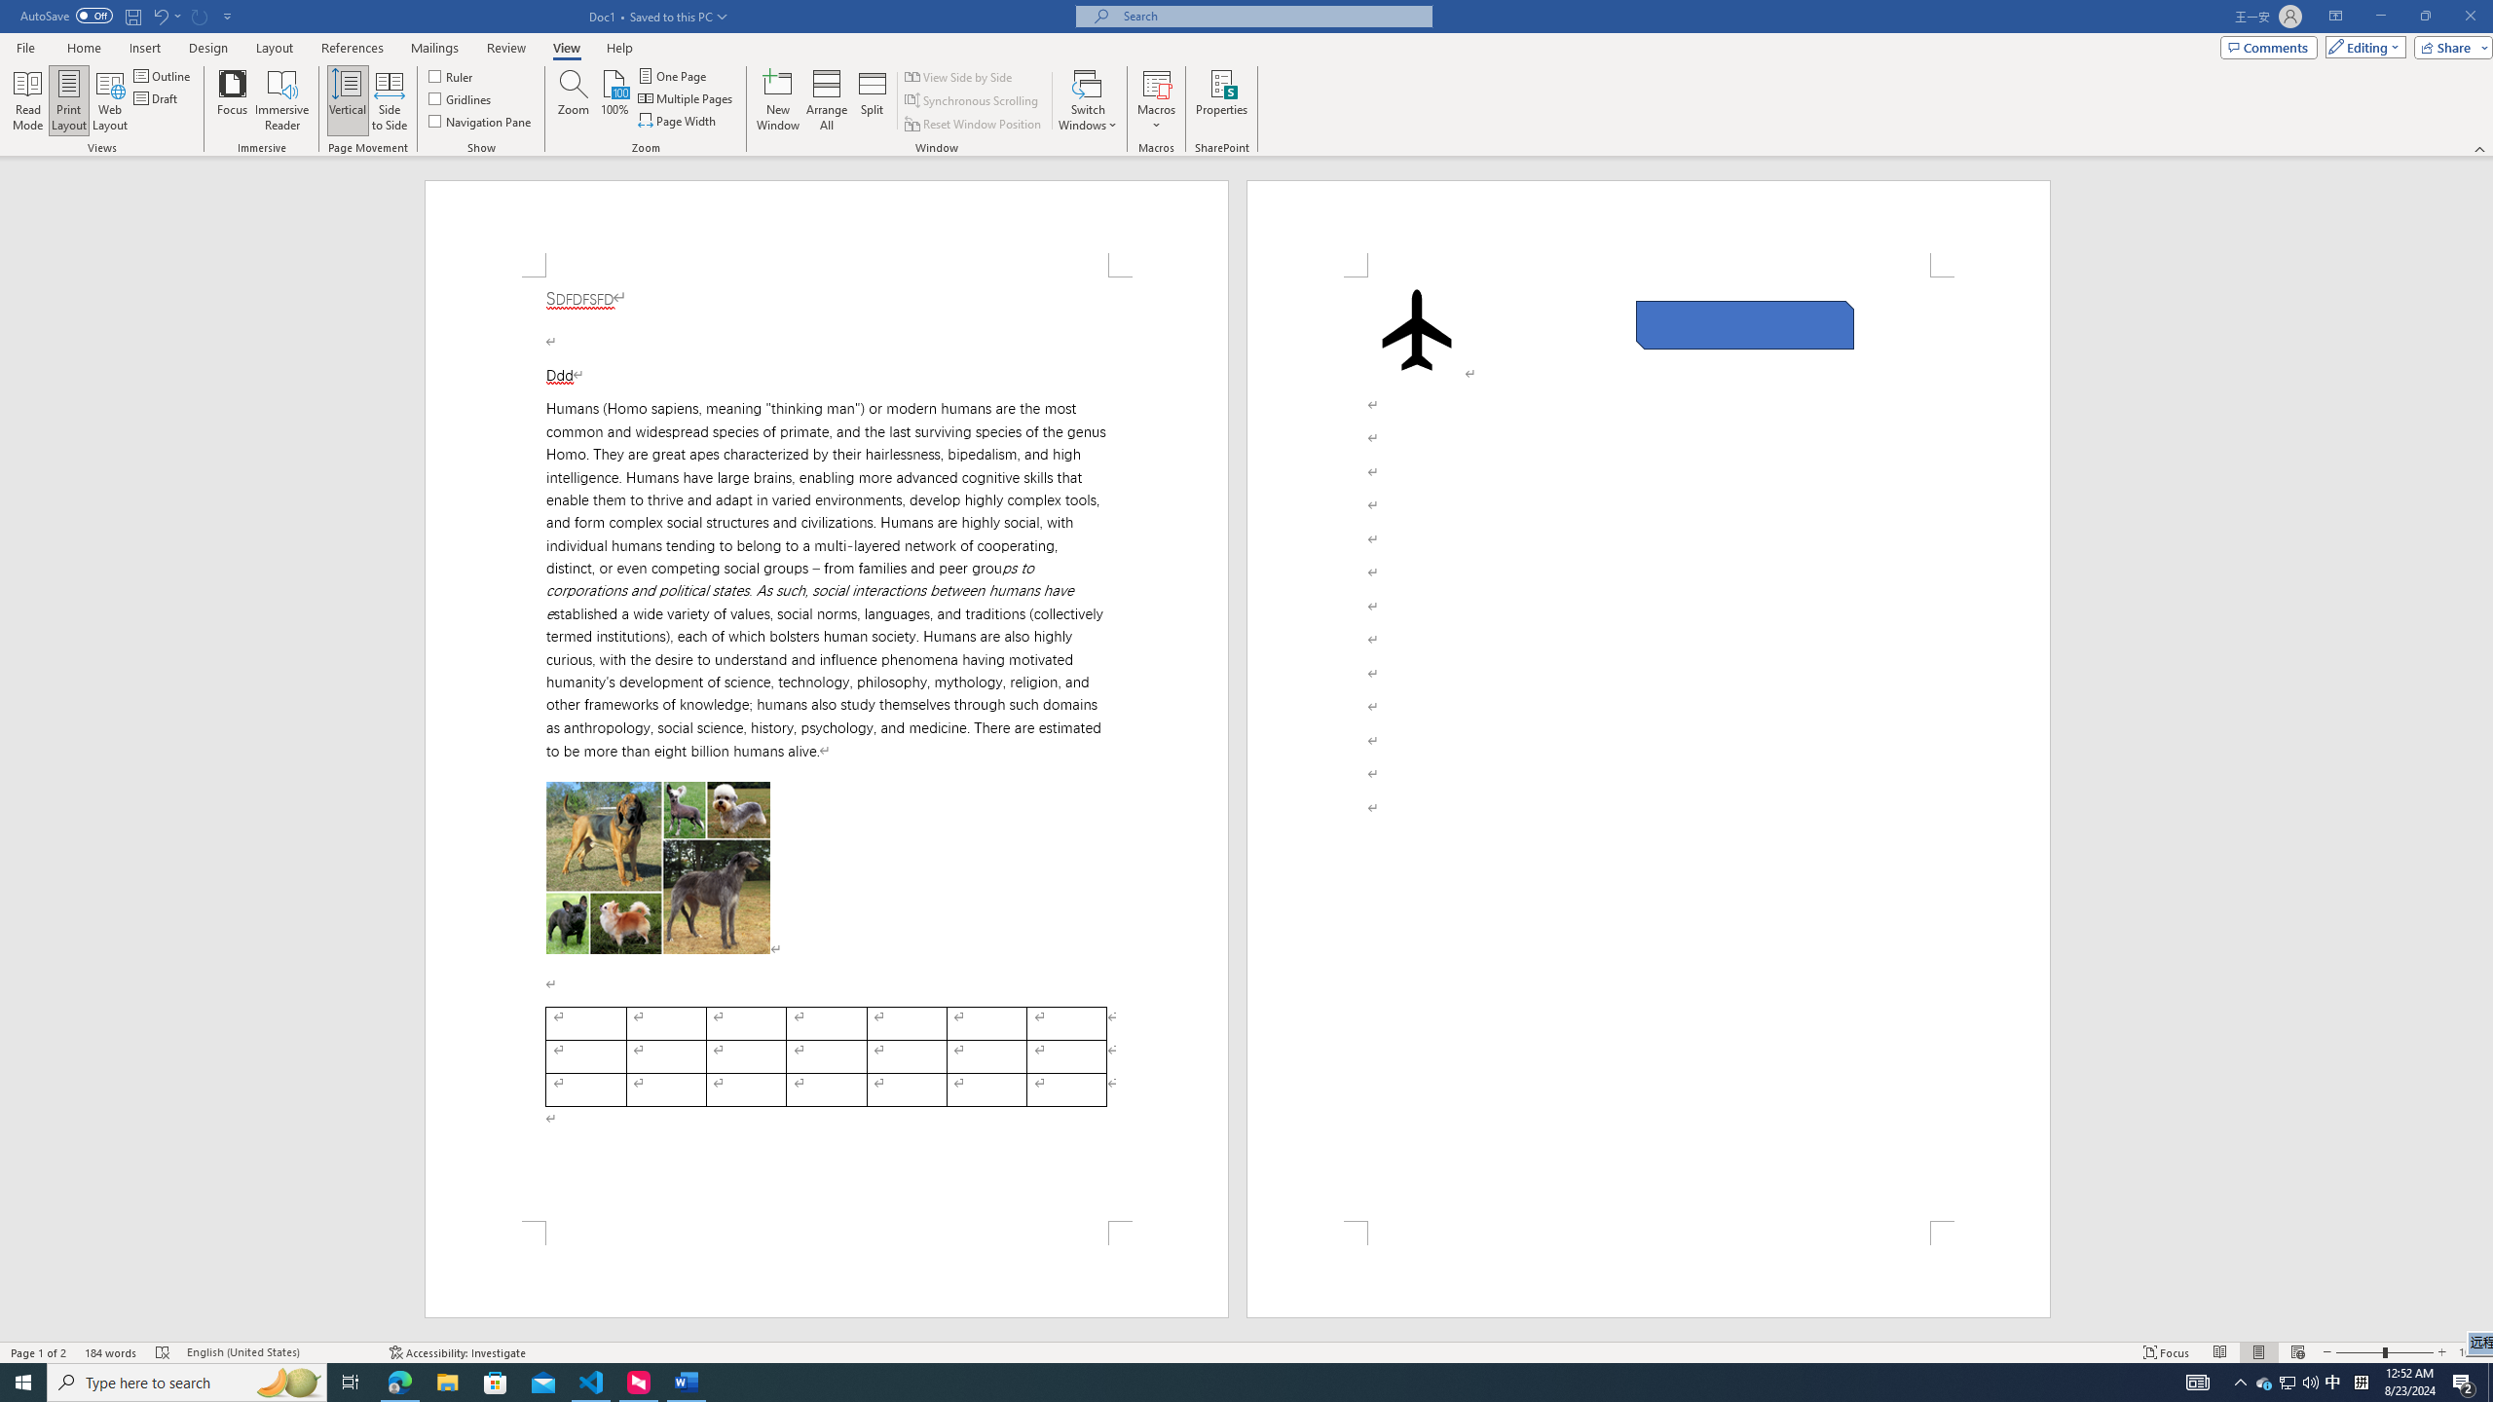 This screenshot has width=2493, height=1402. Describe the element at coordinates (496, 1381) in the screenshot. I see `'Microsoft Store'` at that location.